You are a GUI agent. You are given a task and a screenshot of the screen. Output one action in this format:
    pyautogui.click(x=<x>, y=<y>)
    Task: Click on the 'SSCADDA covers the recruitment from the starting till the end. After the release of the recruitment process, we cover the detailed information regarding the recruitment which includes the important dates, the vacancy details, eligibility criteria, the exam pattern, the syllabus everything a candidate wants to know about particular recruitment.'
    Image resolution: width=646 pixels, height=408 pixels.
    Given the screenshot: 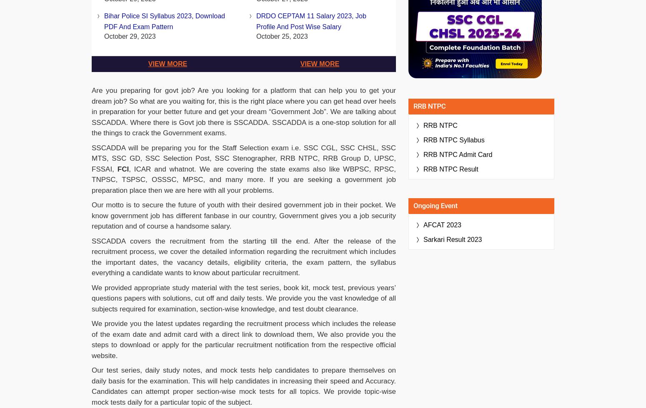 What is the action you would take?
    pyautogui.click(x=243, y=257)
    